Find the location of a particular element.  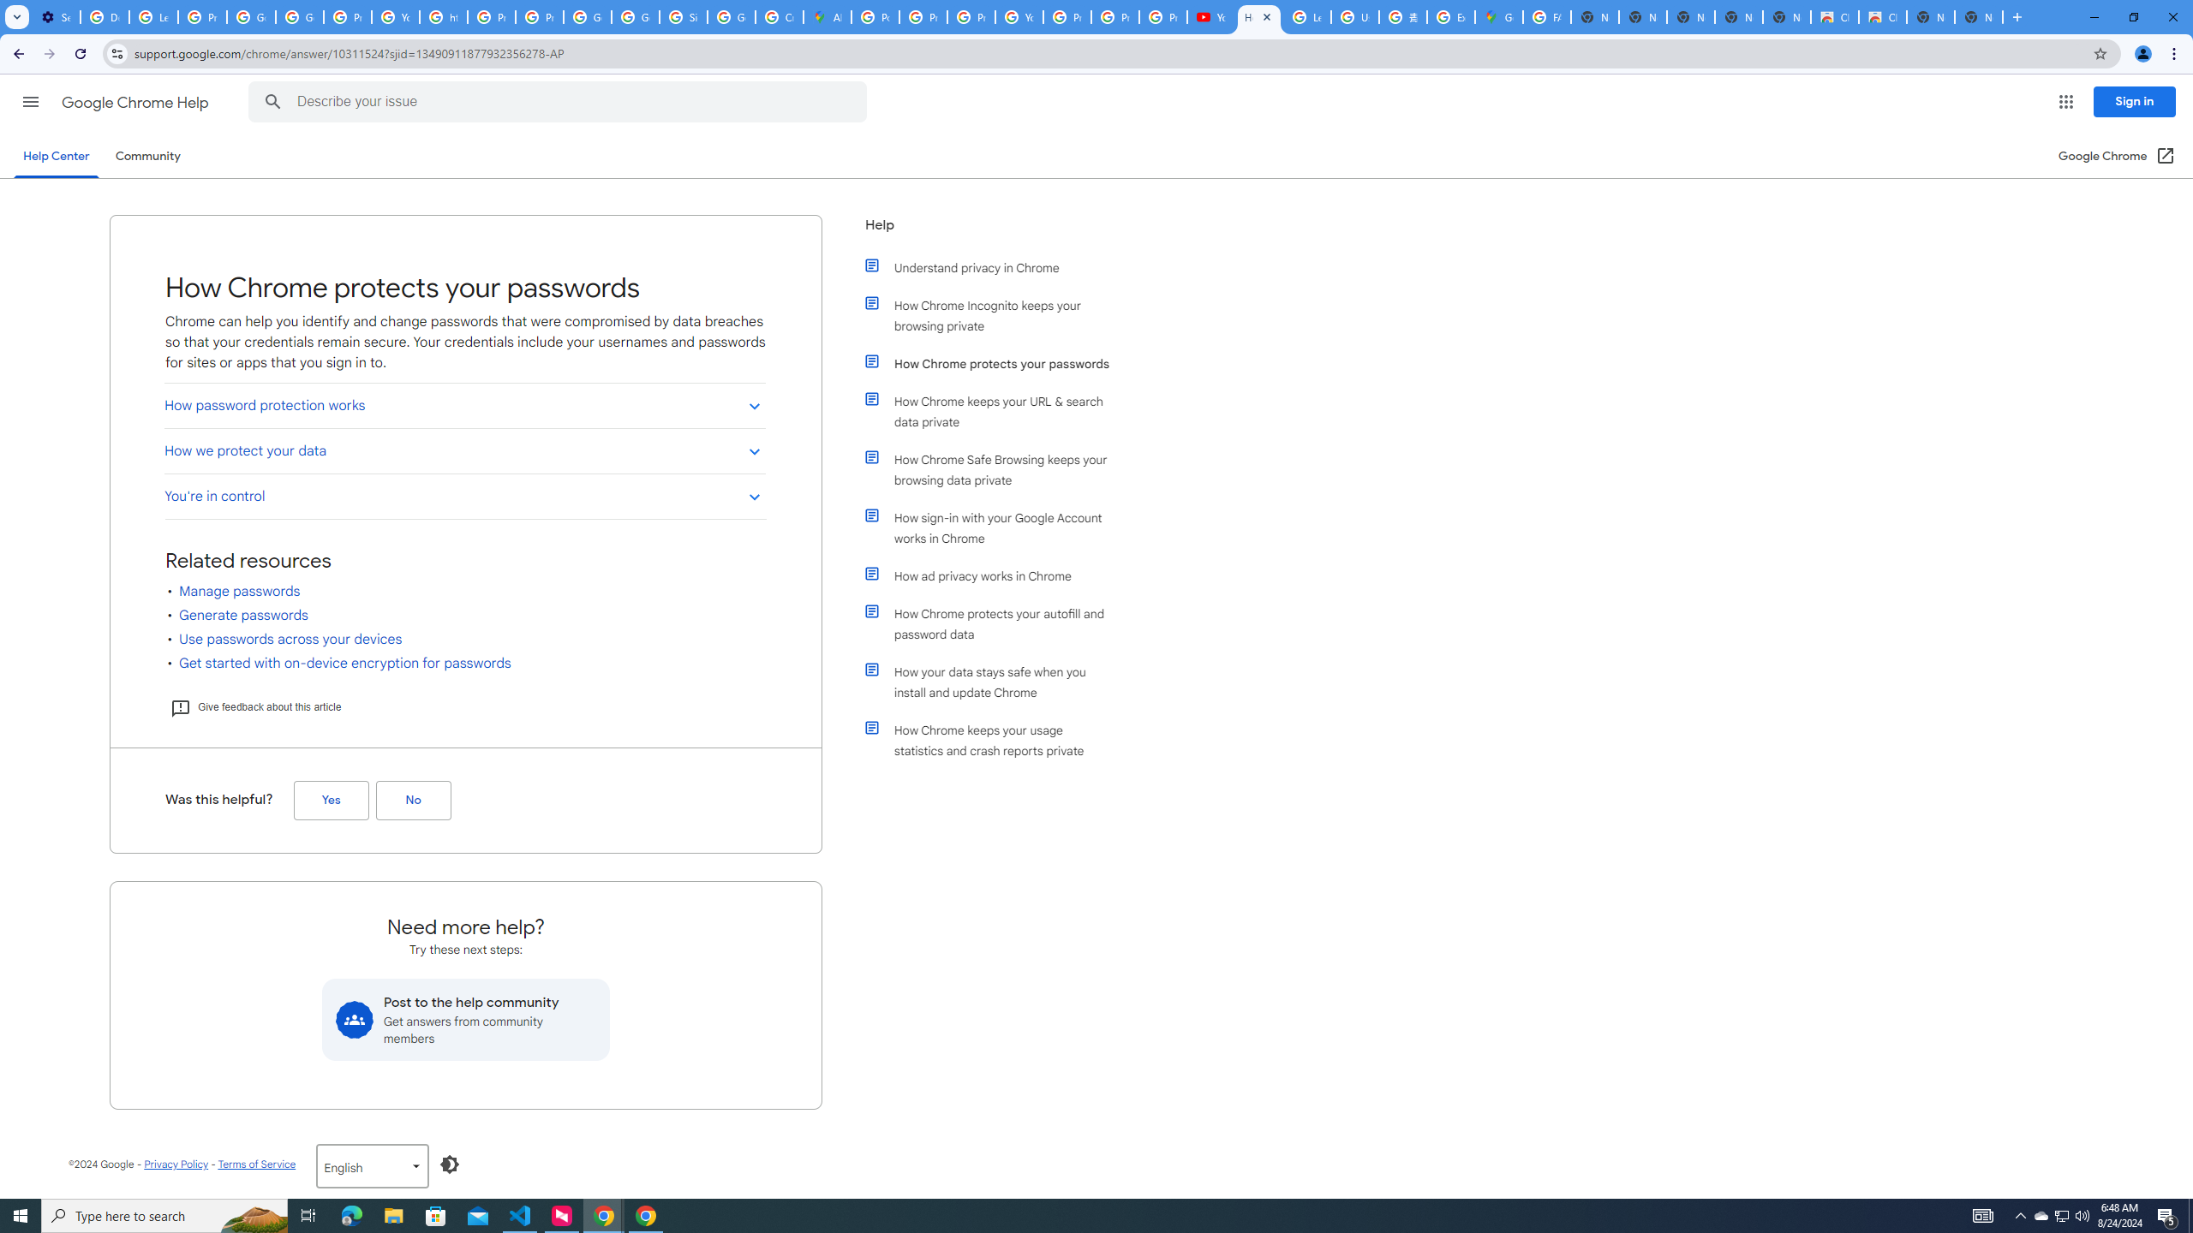

'Policy Accountability and Transparency - Transparency Center' is located at coordinates (875, 16).